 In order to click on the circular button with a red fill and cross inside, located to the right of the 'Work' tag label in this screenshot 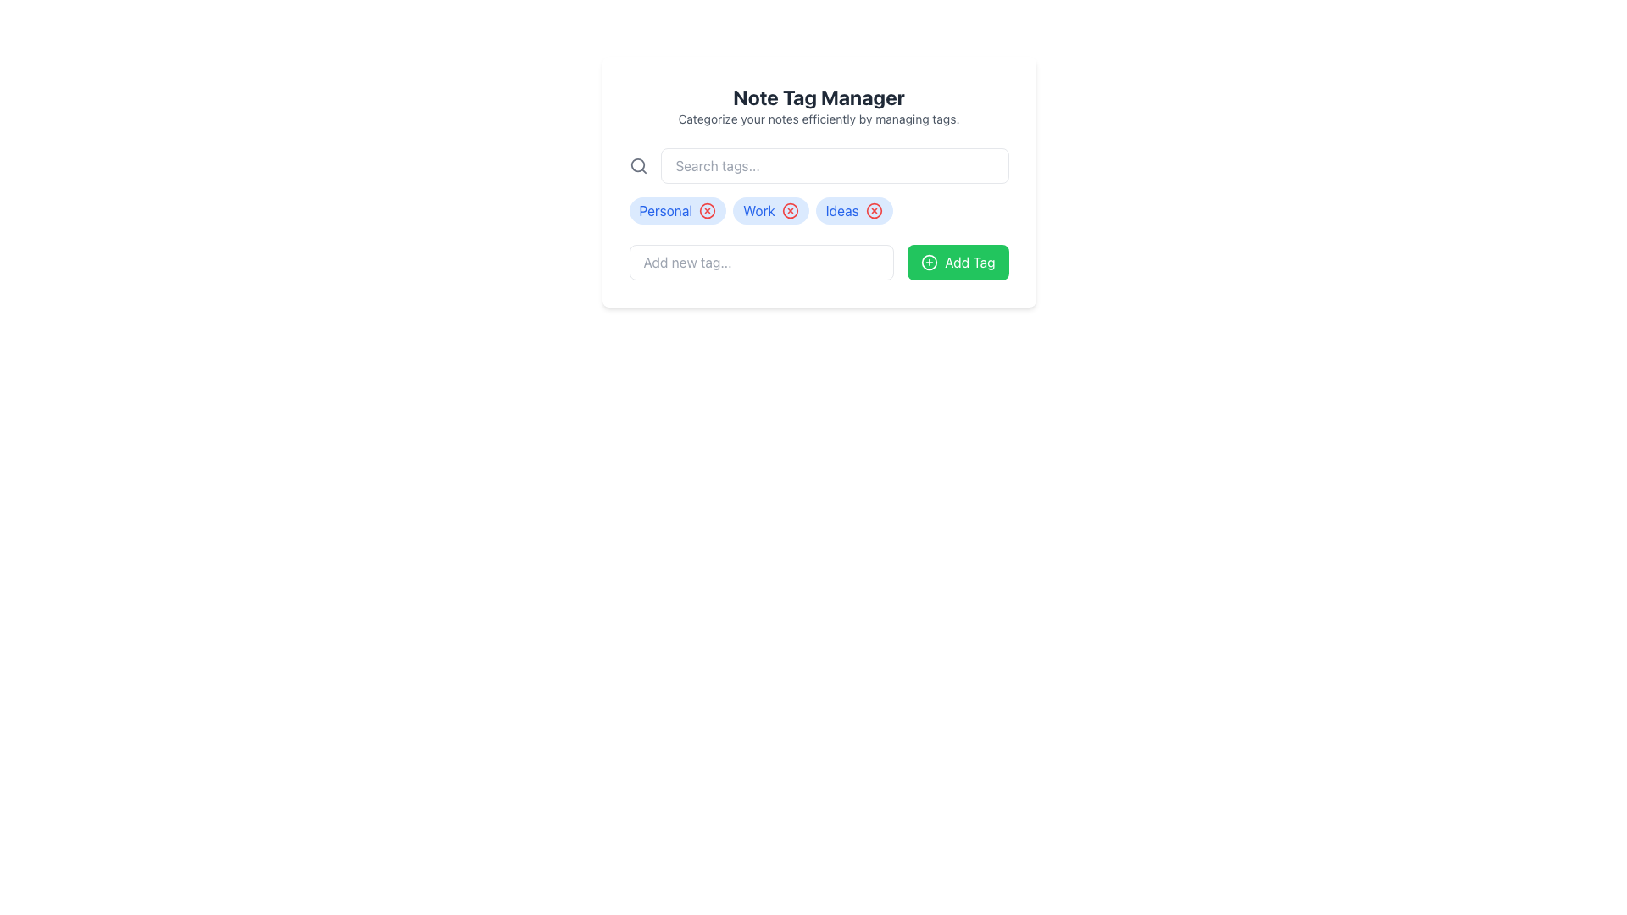, I will do `click(789, 210)`.